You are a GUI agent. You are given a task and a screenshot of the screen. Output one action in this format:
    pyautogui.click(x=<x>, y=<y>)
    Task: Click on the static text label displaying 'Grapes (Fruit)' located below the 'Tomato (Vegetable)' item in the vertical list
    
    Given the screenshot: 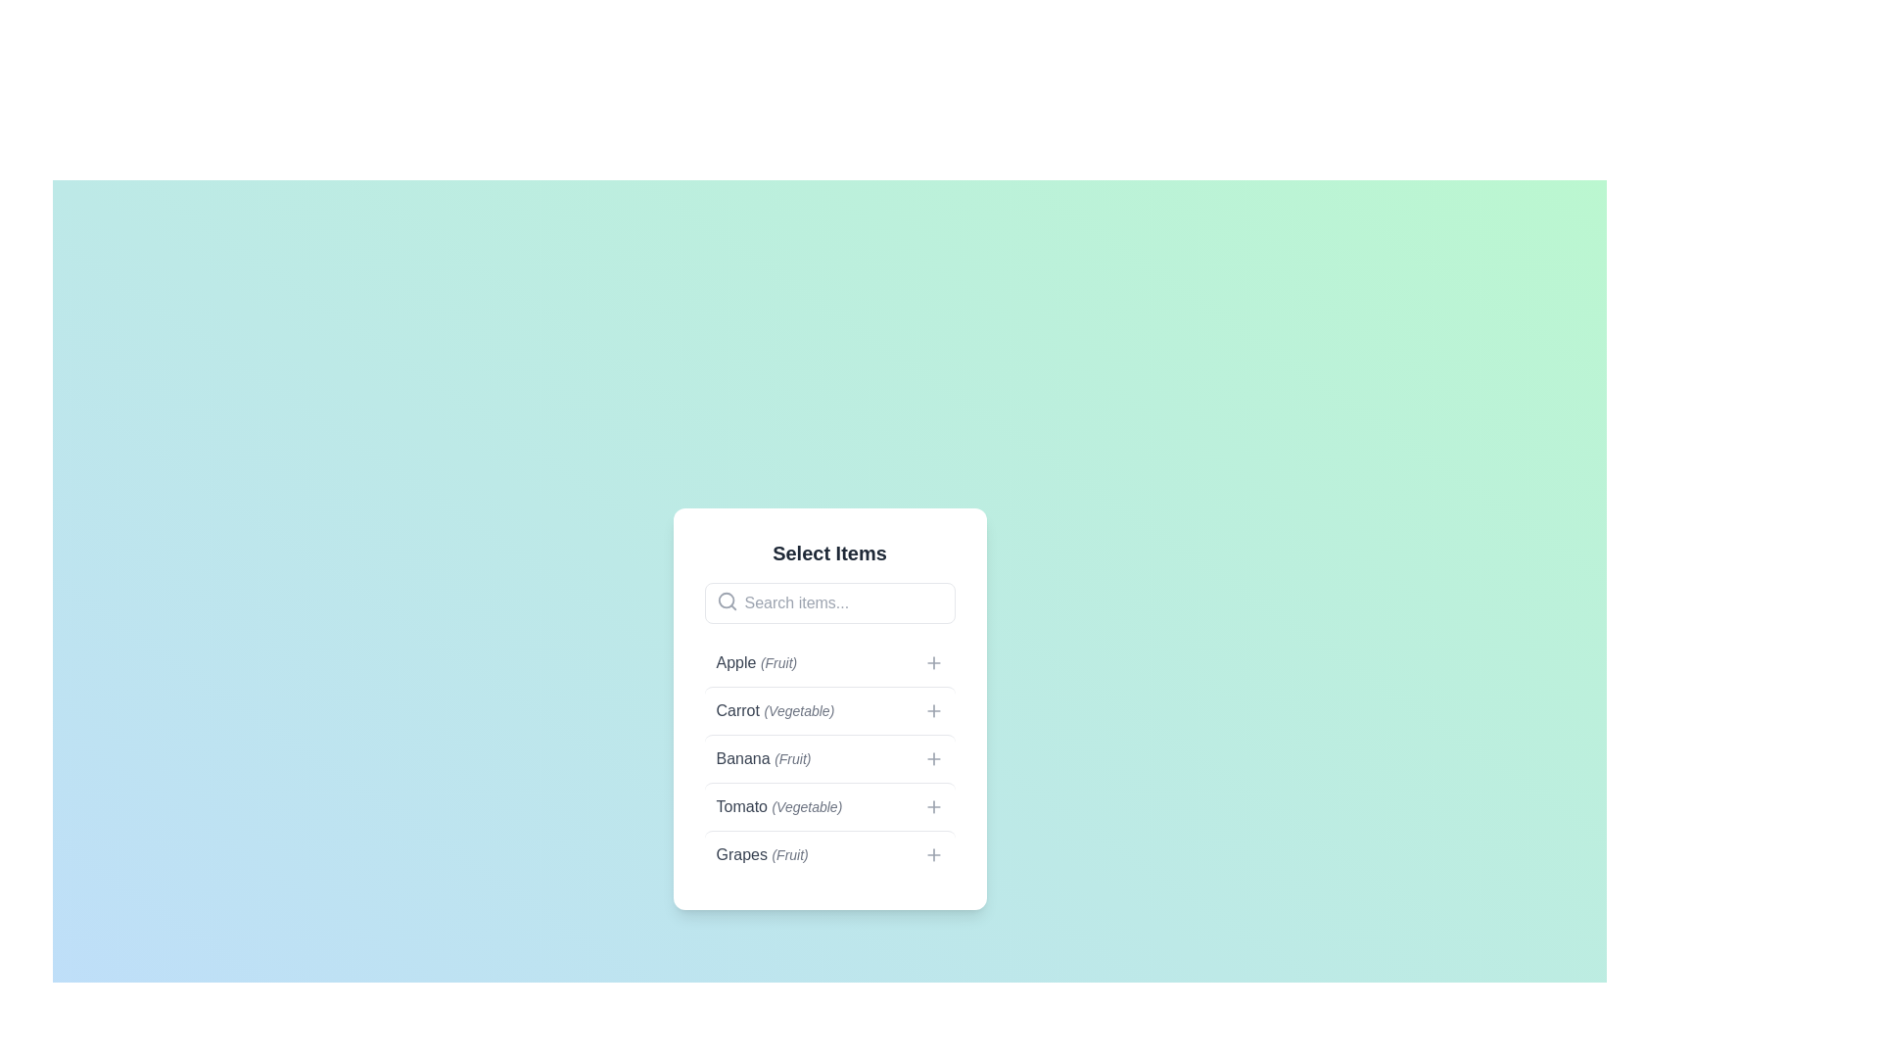 What is the action you would take?
    pyautogui.click(x=761, y=853)
    